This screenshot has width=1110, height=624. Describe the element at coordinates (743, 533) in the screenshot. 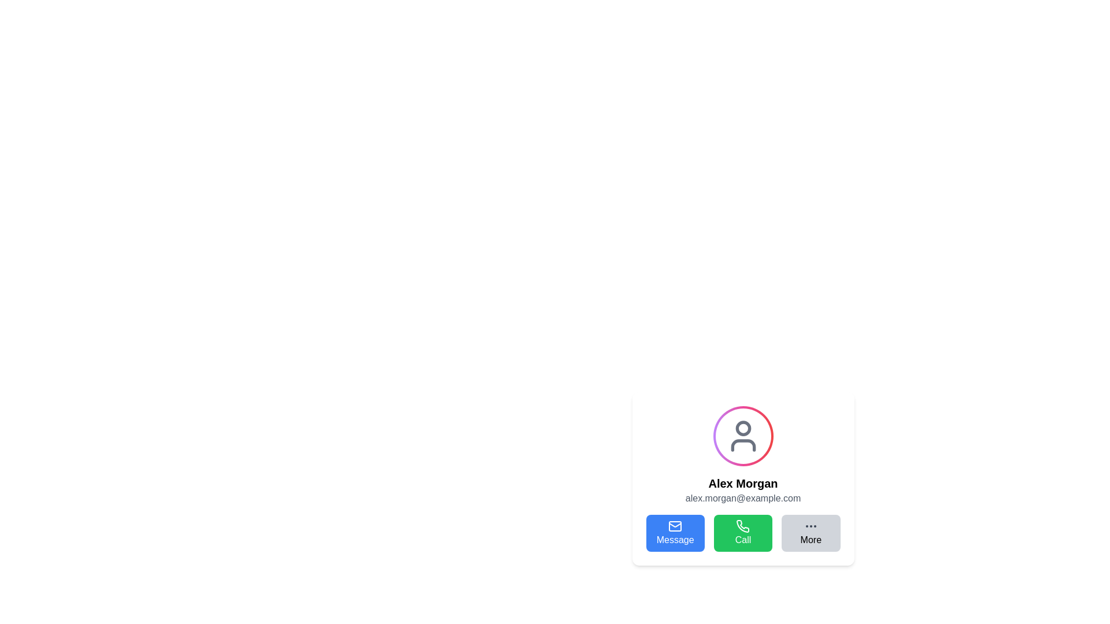

I see `the green 'Call' button with rounded corners, which is located between the blue 'Message' button and the gray 'More' button, to initiate a call` at that location.